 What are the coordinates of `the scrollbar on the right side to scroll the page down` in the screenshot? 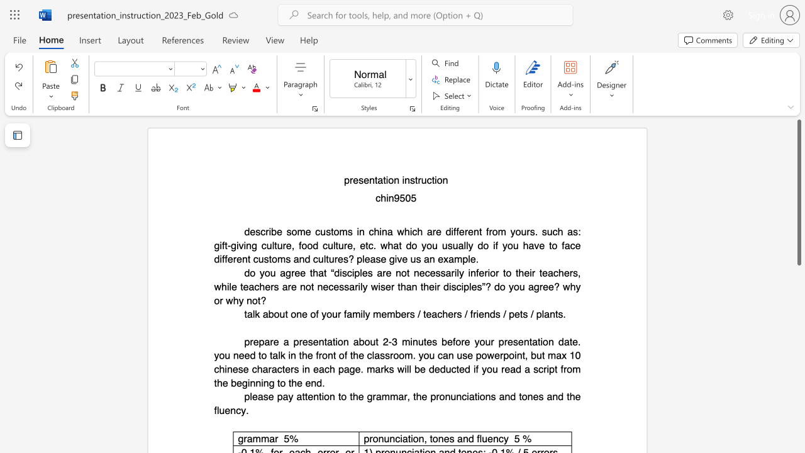 It's located at (798, 346).